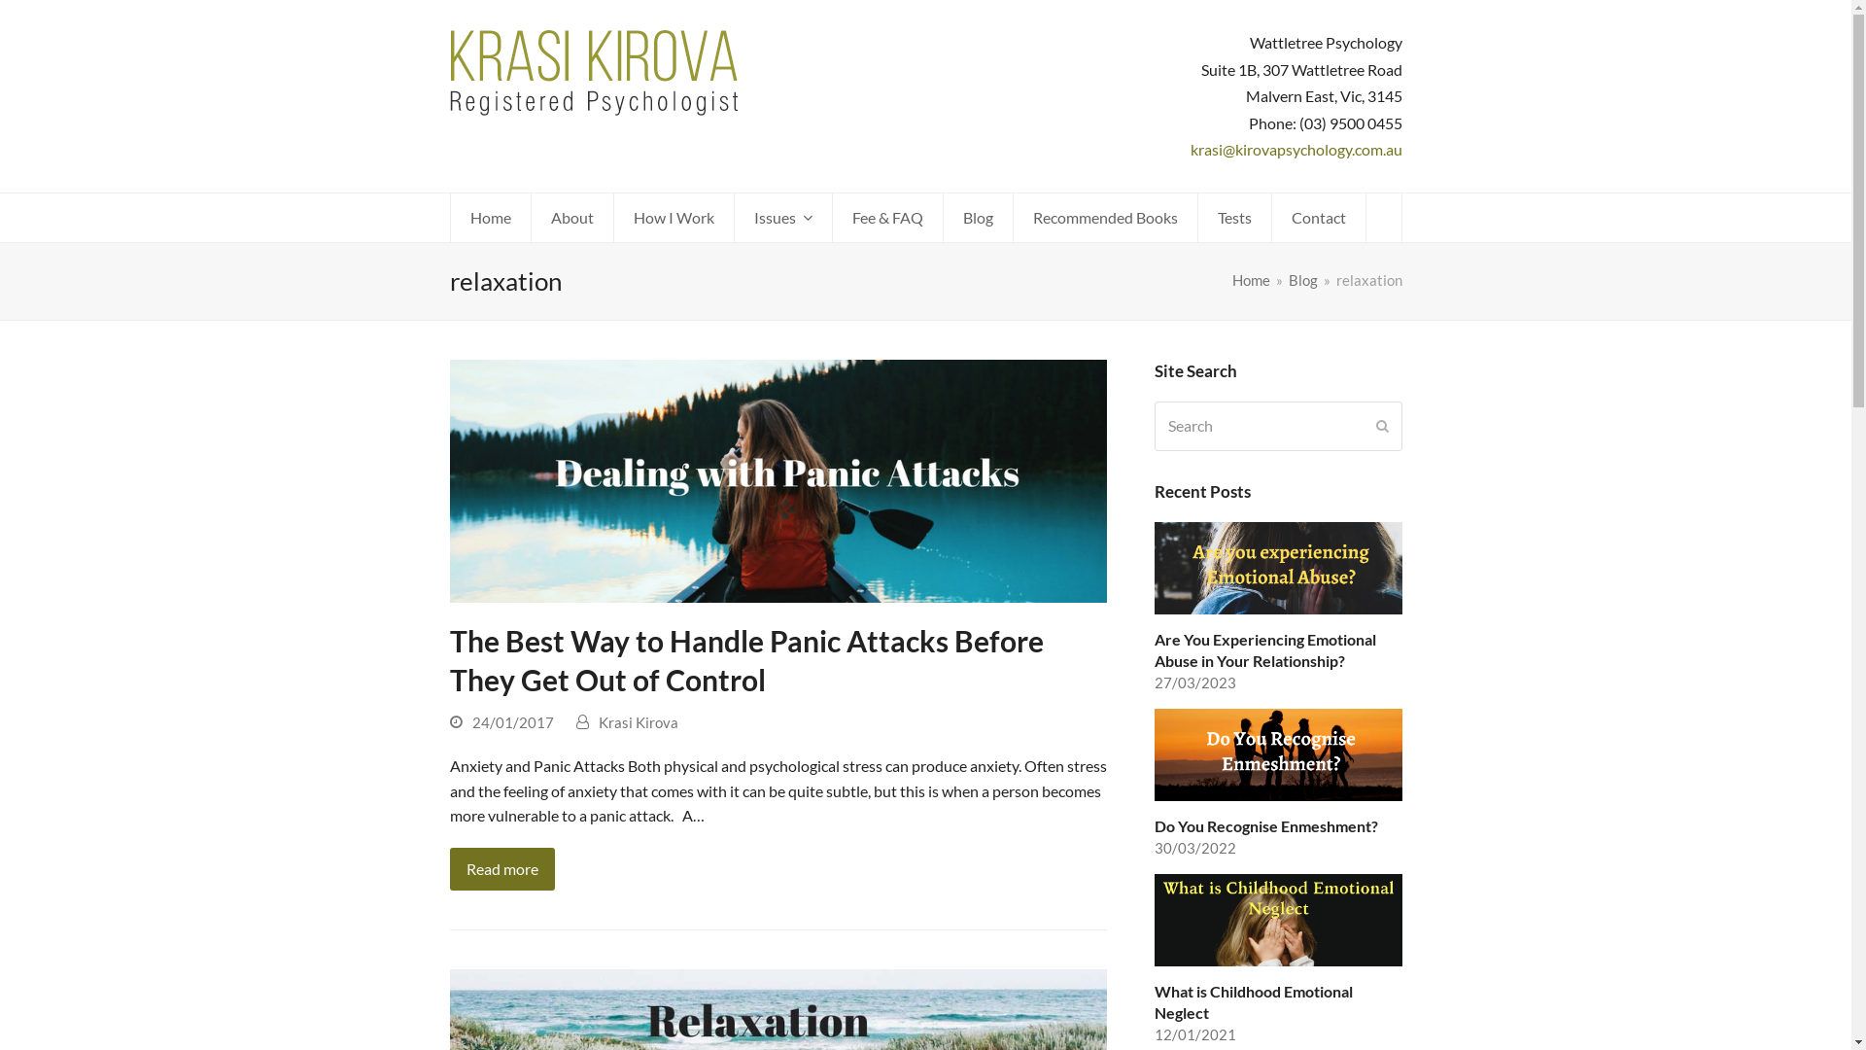 This screenshot has width=1866, height=1050. What do you see at coordinates (1232, 217) in the screenshot?
I see `'Tests'` at bounding box center [1232, 217].